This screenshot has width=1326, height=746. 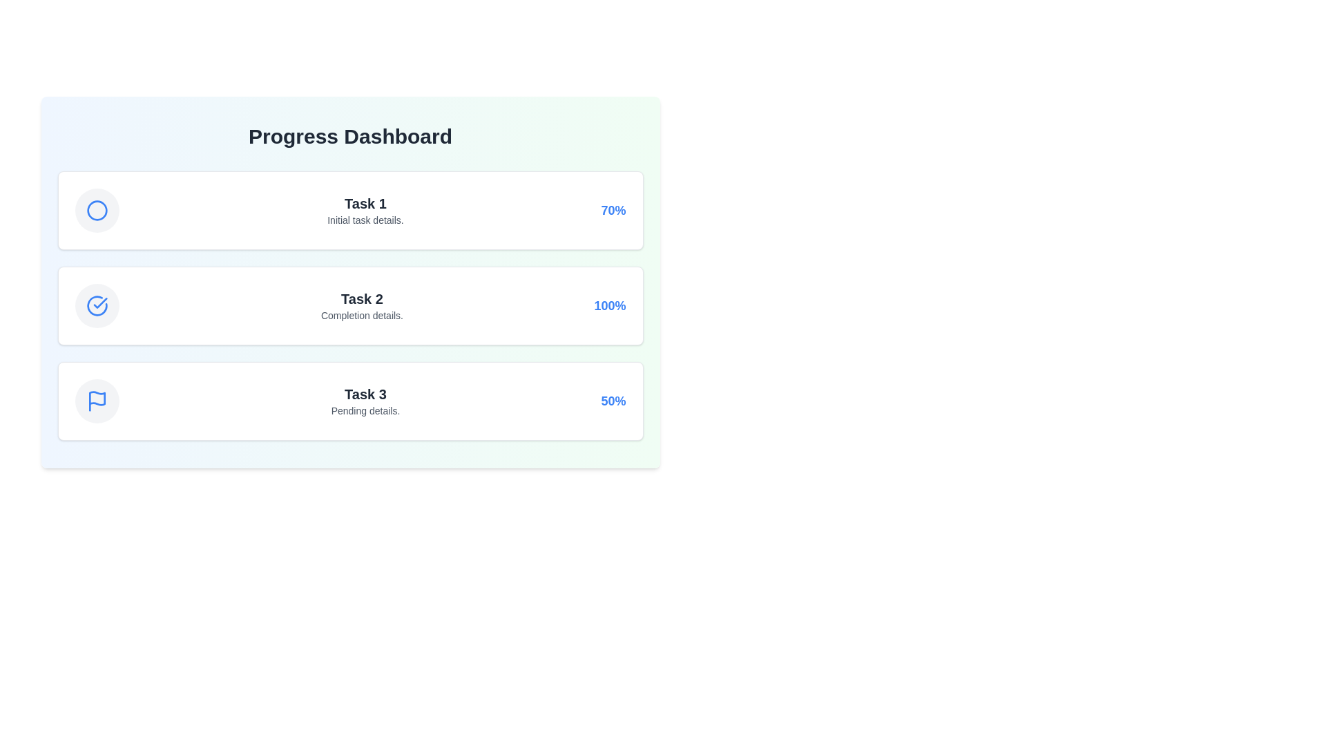 What do you see at coordinates (96, 305) in the screenshot?
I see `the second circular icon in the vertical list that indicates the completion status of 'Task 2' labeled 'Completion details.'` at bounding box center [96, 305].